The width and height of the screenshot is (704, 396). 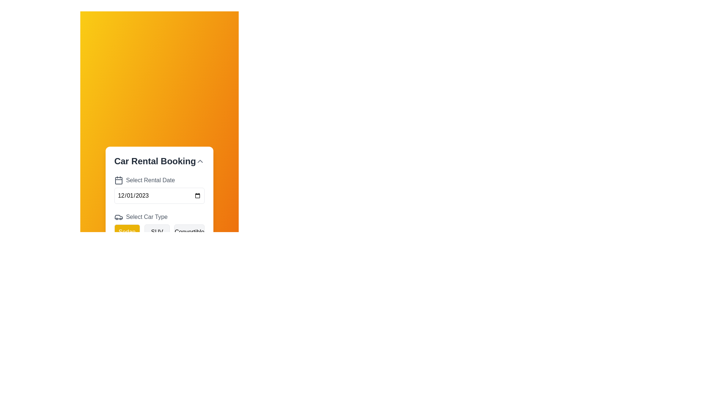 What do you see at coordinates (200, 161) in the screenshot?
I see `the upward-pointing chevron icon button` at bounding box center [200, 161].